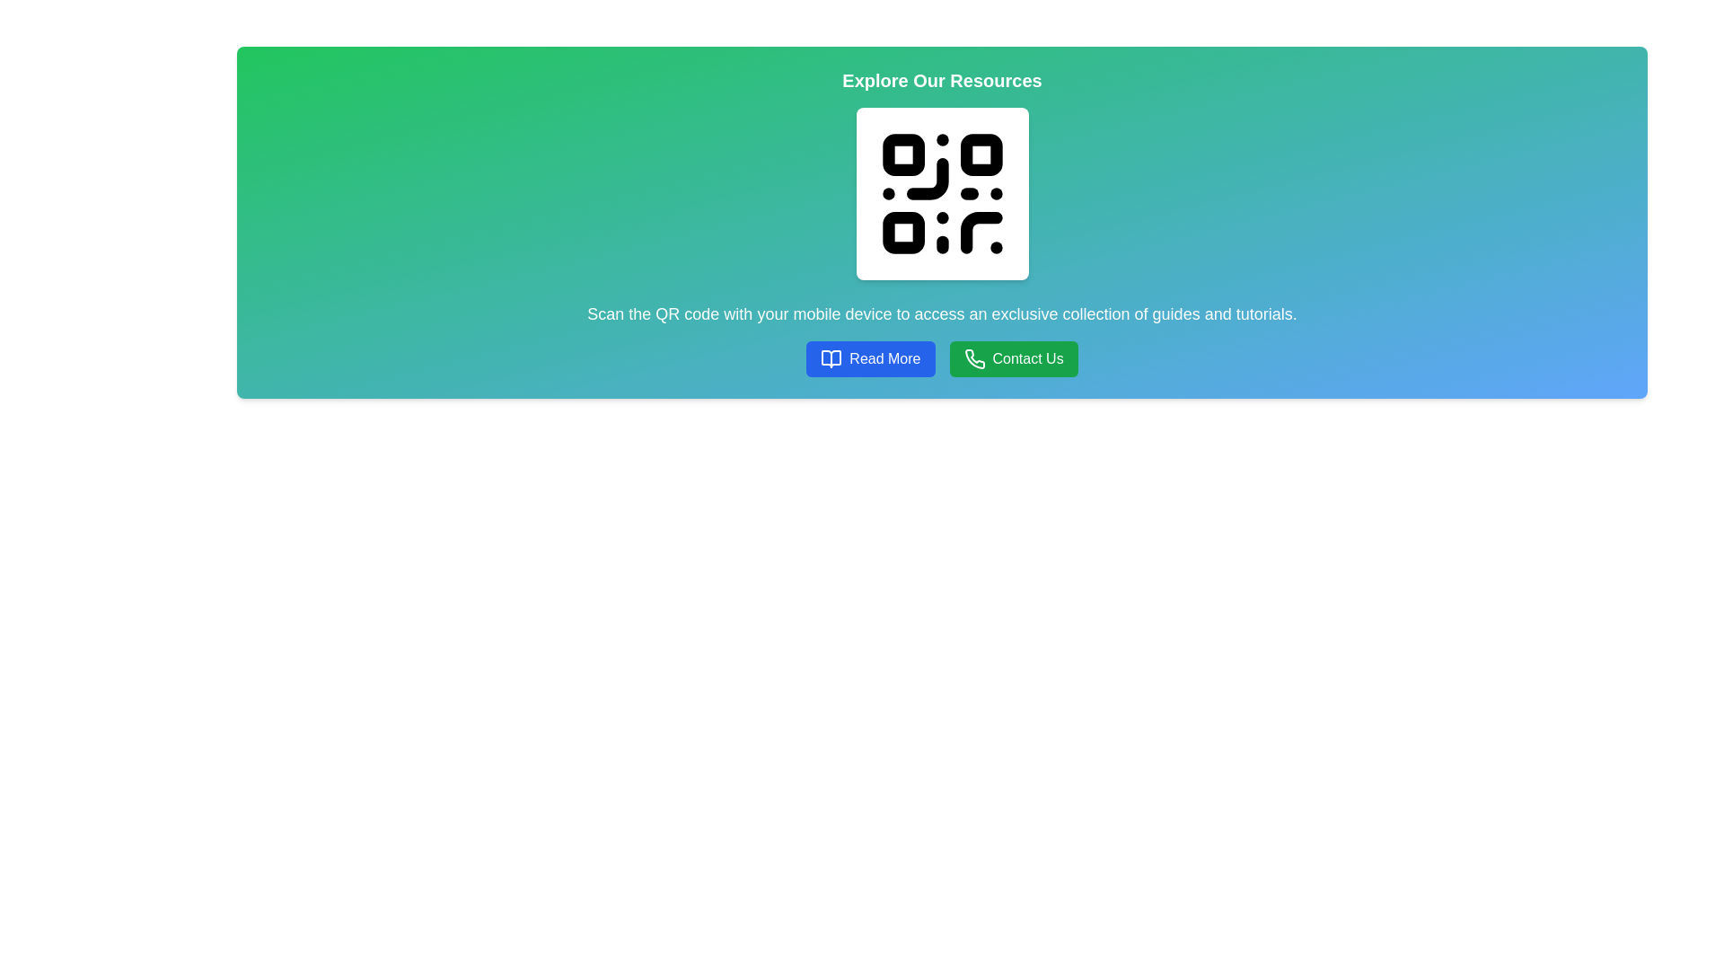  I want to click on the text element that reads 'Scan the QR code with your mobile device, so click(941, 313).